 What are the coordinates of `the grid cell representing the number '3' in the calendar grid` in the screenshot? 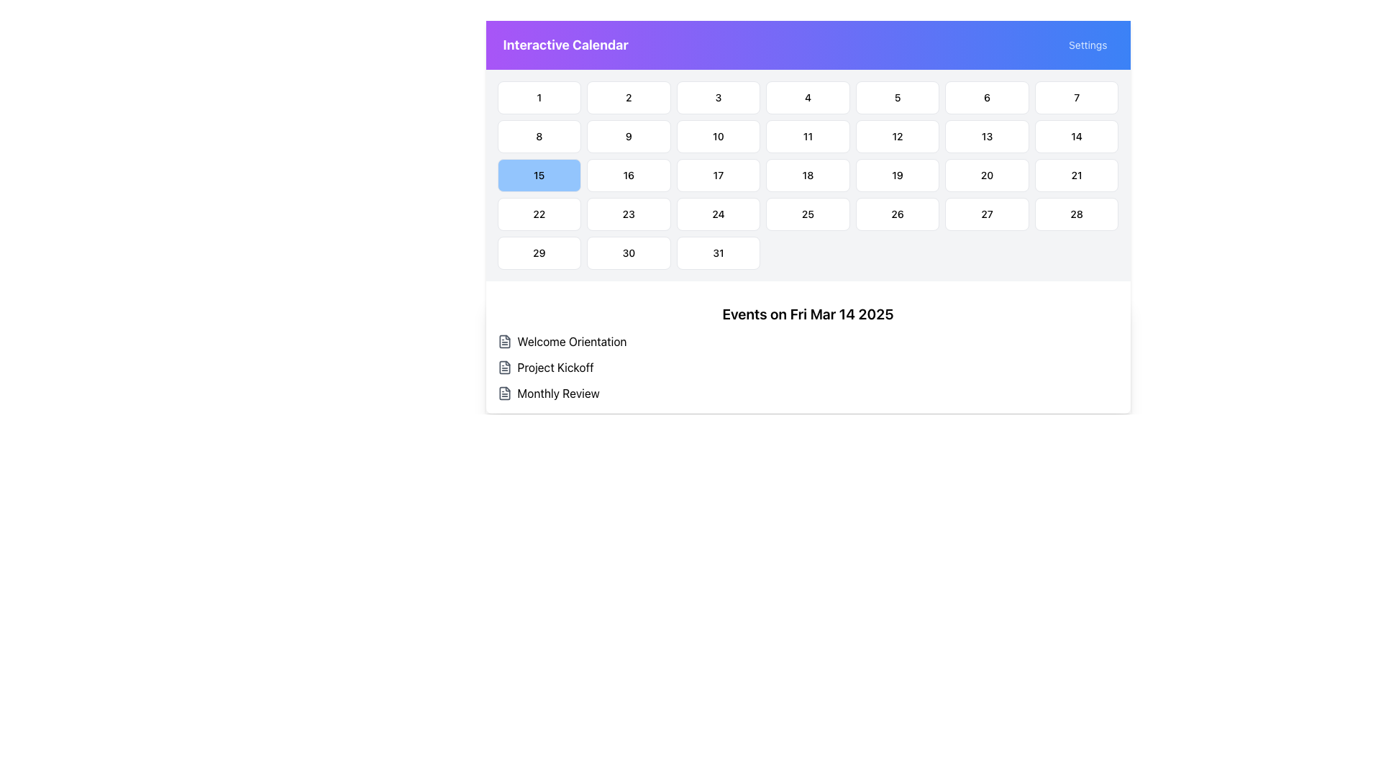 It's located at (718, 97).